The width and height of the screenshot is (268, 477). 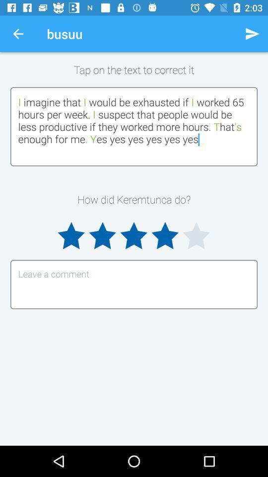 What do you see at coordinates (252, 34) in the screenshot?
I see `the icon to the right of busuu item` at bounding box center [252, 34].